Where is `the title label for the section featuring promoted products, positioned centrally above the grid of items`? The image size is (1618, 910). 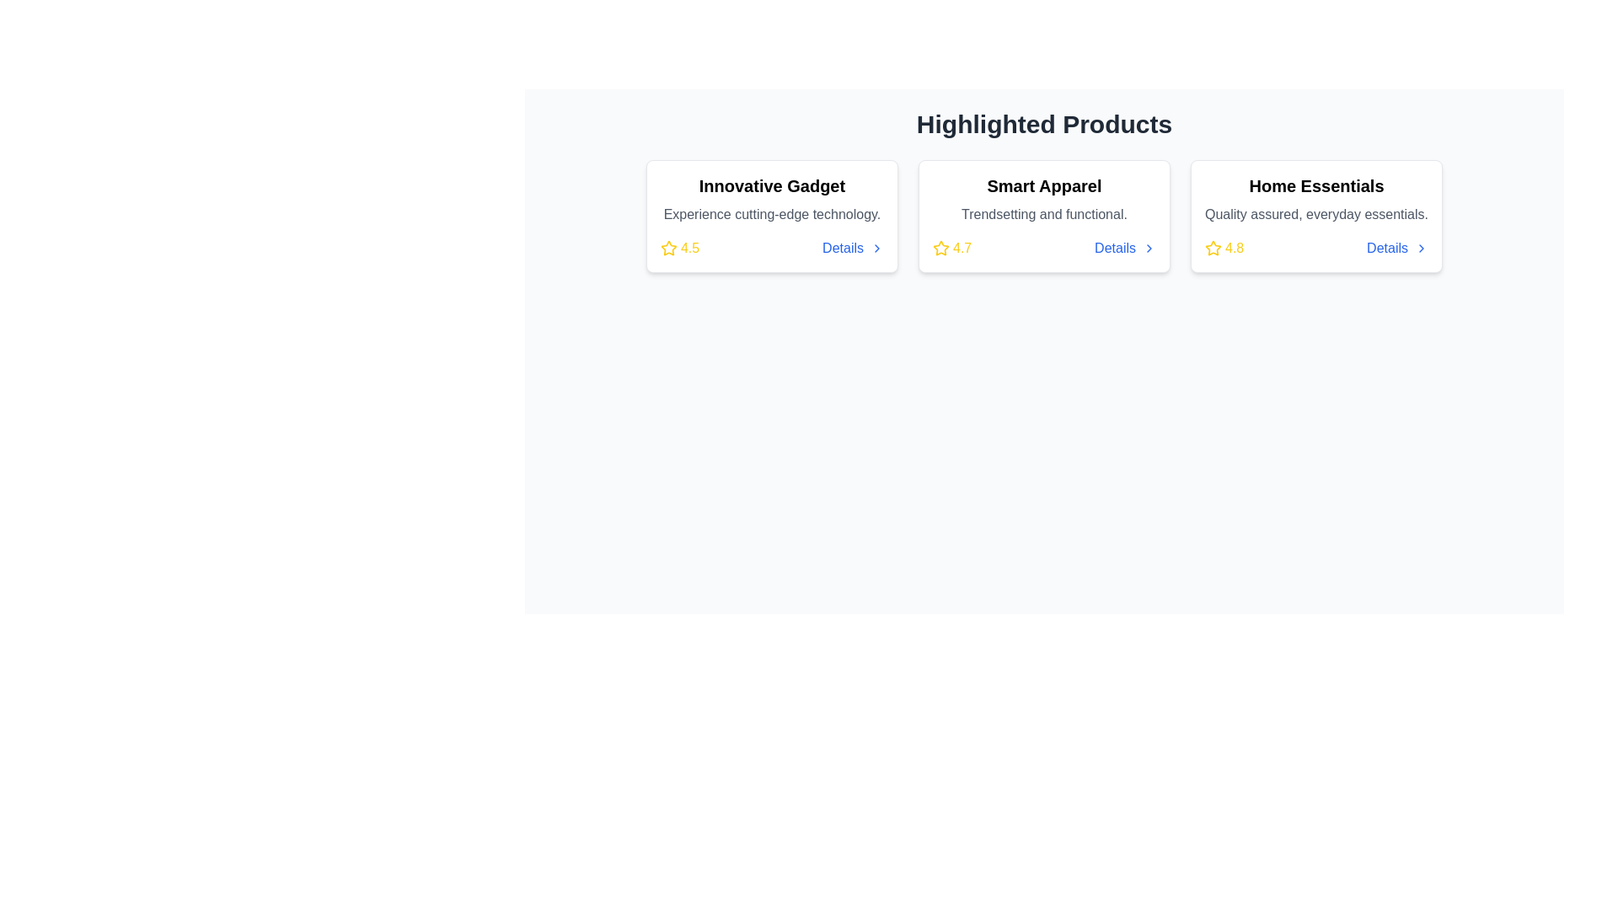
the title label for the section featuring promoted products, positioned centrally above the grid of items is located at coordinates (1043, 123).